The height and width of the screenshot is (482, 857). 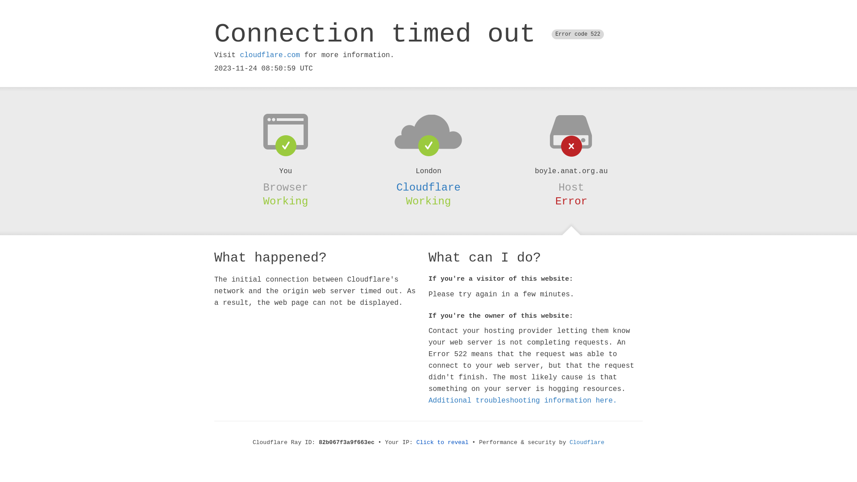 What do you see at coordinates (428, 187) in the screenshot?
I see `'Cloudflare'` at bounding box center [428, 187].